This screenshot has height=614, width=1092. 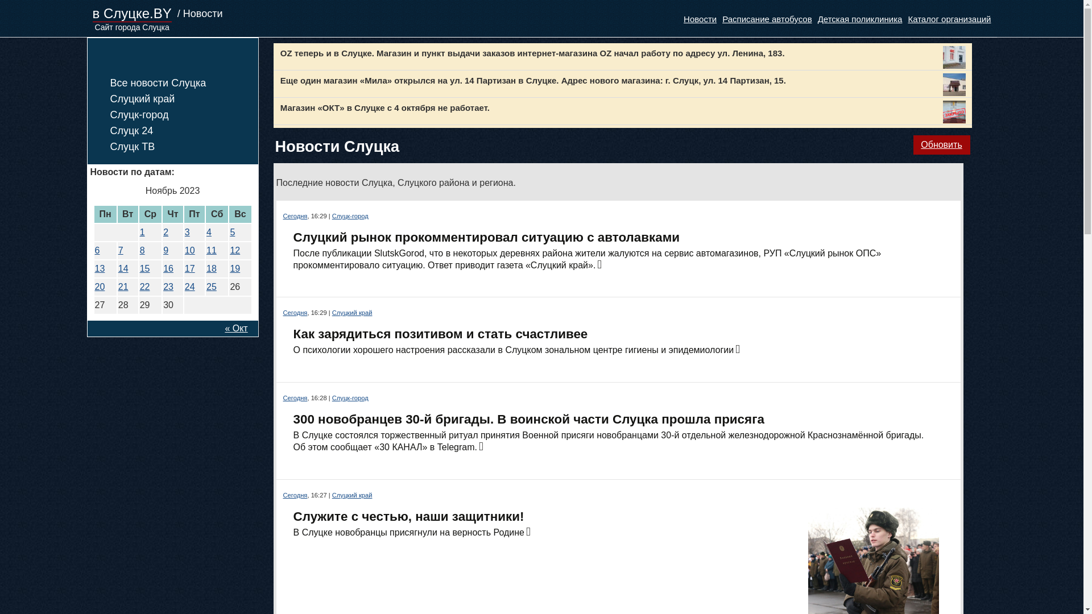 What do you see at coordinates (234, 268) in the screenshot?
I see `'19'` at bounding box center [234, 268].